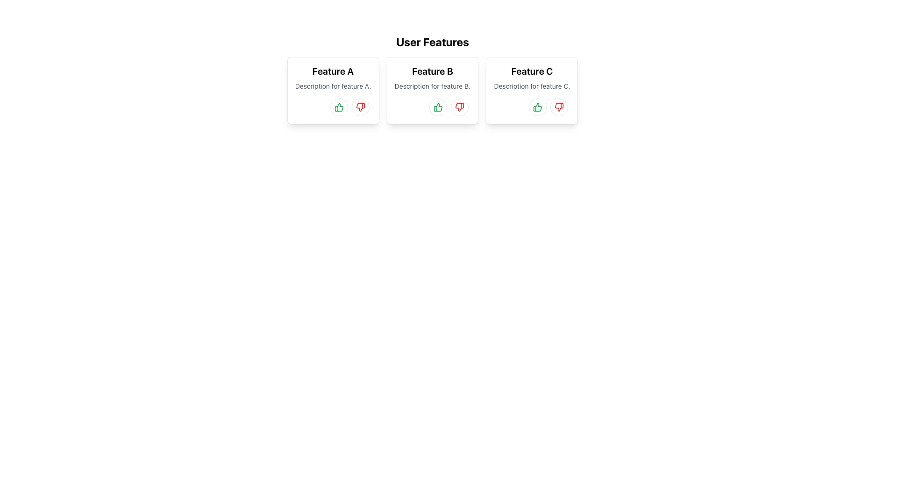  What do you see at coordinates (338, 107) in the screenshot?
I see `the positive sentiment icon located within the 'Feature B' card, which is part of the 'User Features' section` at bounding box center [338, 107].